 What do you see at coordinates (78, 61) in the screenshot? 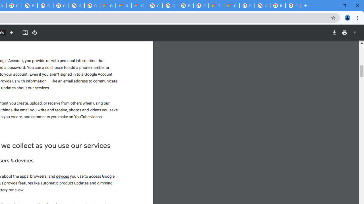
I see `'personal information'` at bounding box center [78, 61].